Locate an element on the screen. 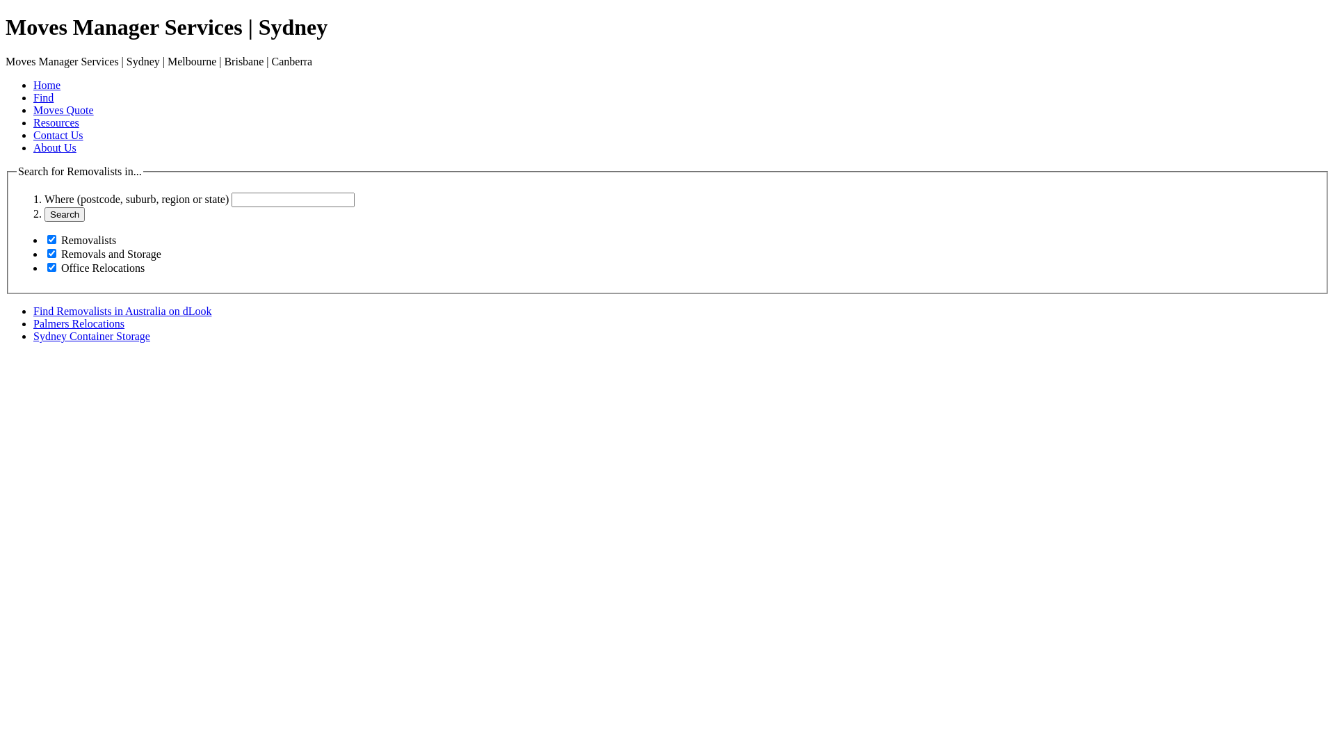 This screenshot has height=751, width=1335. 'Home' is located at coordinates (47, 85).